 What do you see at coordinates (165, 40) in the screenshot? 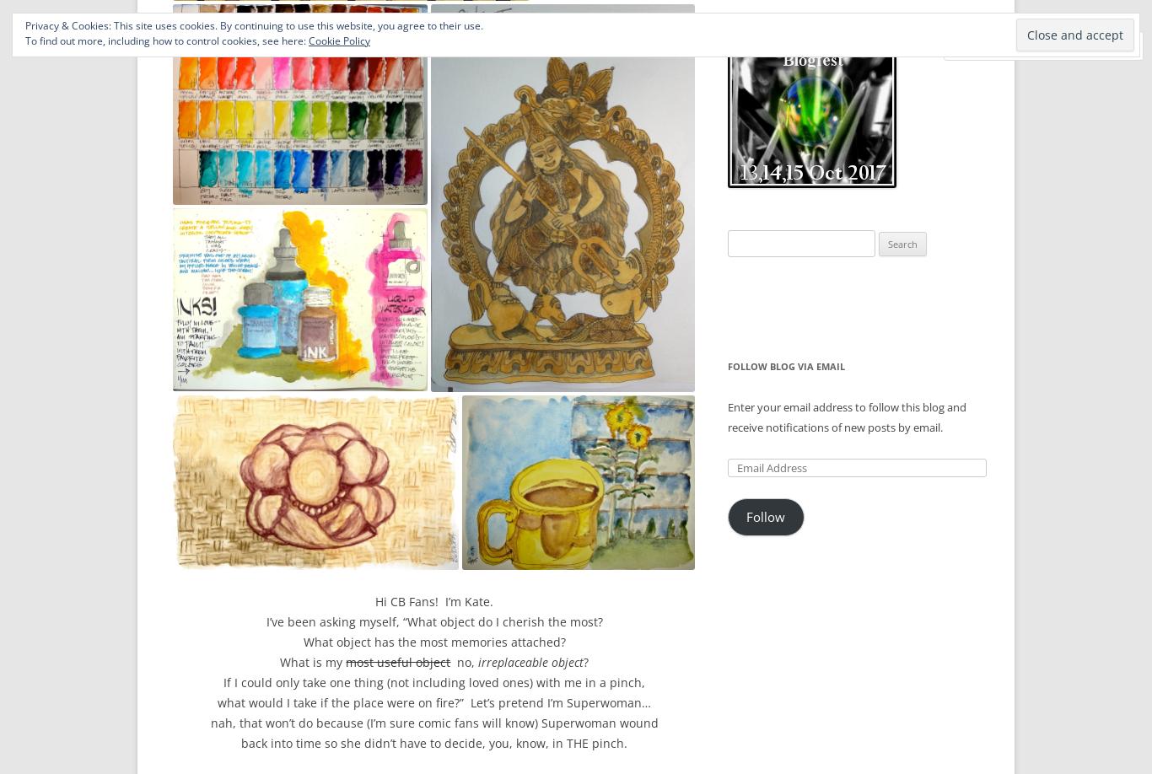
I see `'To find out more, including how to control cookies, see here:'` at bounding box center [165, 40].